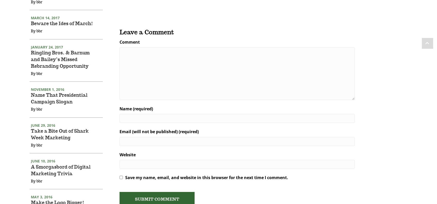 The width and height of the screenshot is (437, 204). Describe the element at coordinates (62, 31) in the screenshot. I see `'Beware the Ides of March!'` at that location.